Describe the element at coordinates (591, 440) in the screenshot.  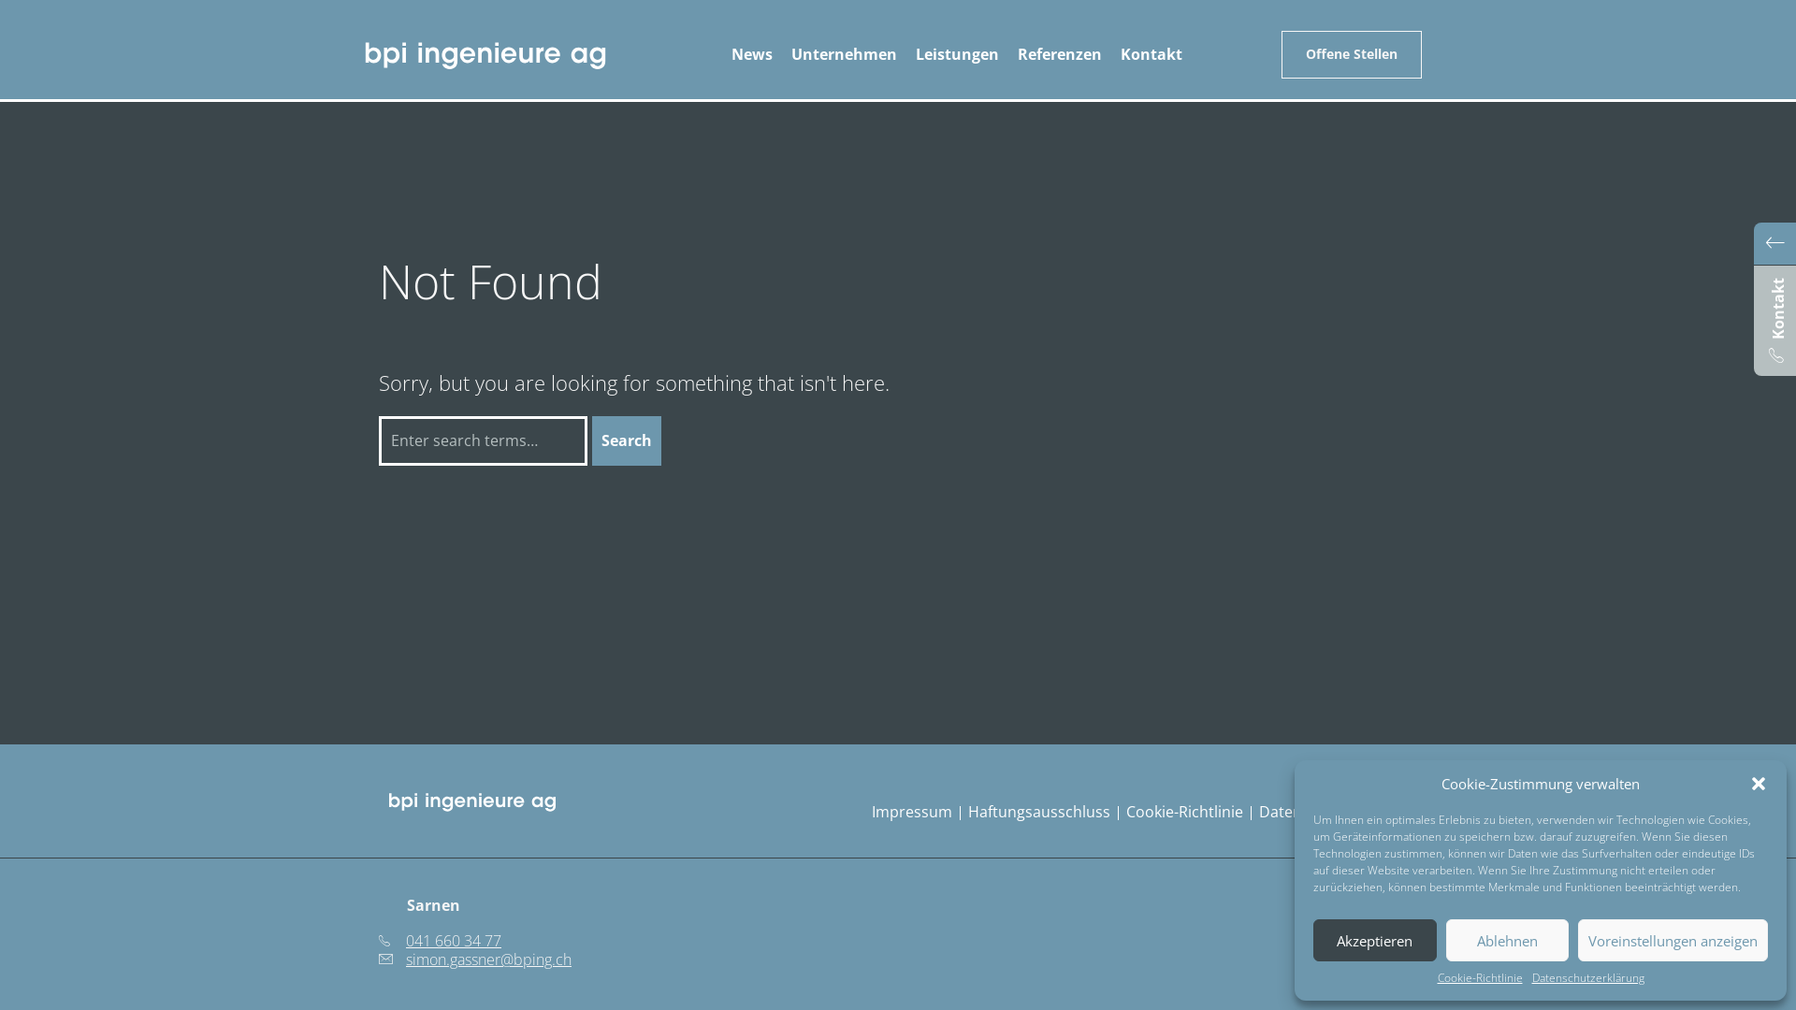
I see `'Search'` at that location.